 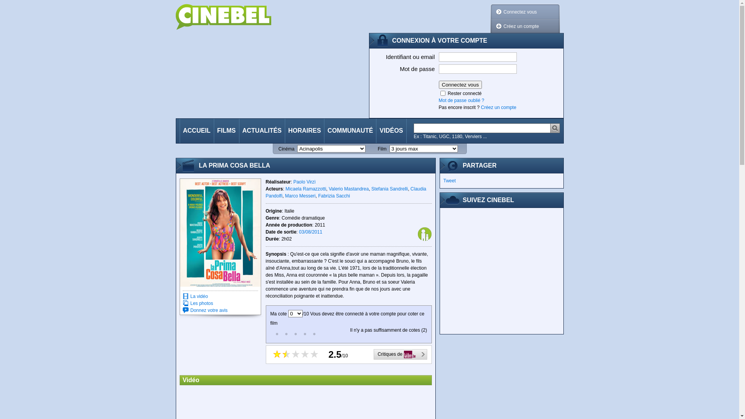 What do you see at coordinates (201, 303) in the screenshot?
I see `'Les photos'` at bounding box center [201, 303].